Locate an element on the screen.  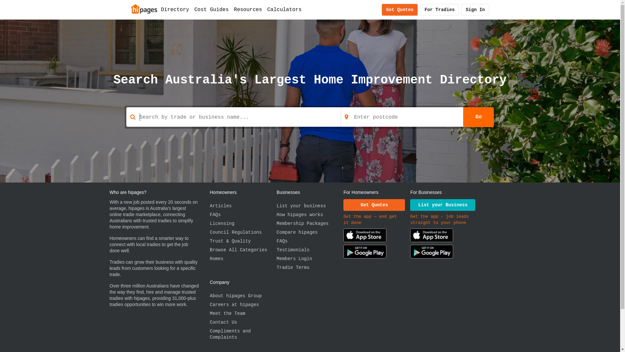
'Cost Guides' is located at coordinates (191, 10).